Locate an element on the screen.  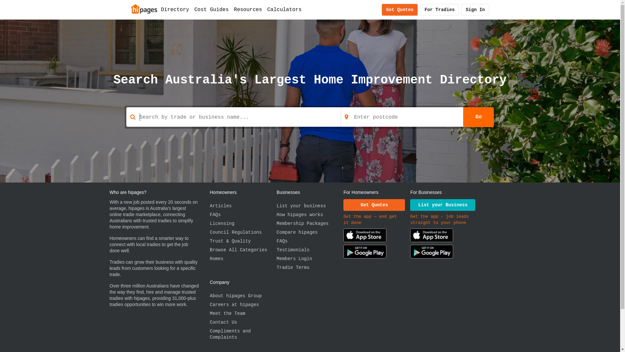
'Cost Guides' is located at coordinates (191, 10).